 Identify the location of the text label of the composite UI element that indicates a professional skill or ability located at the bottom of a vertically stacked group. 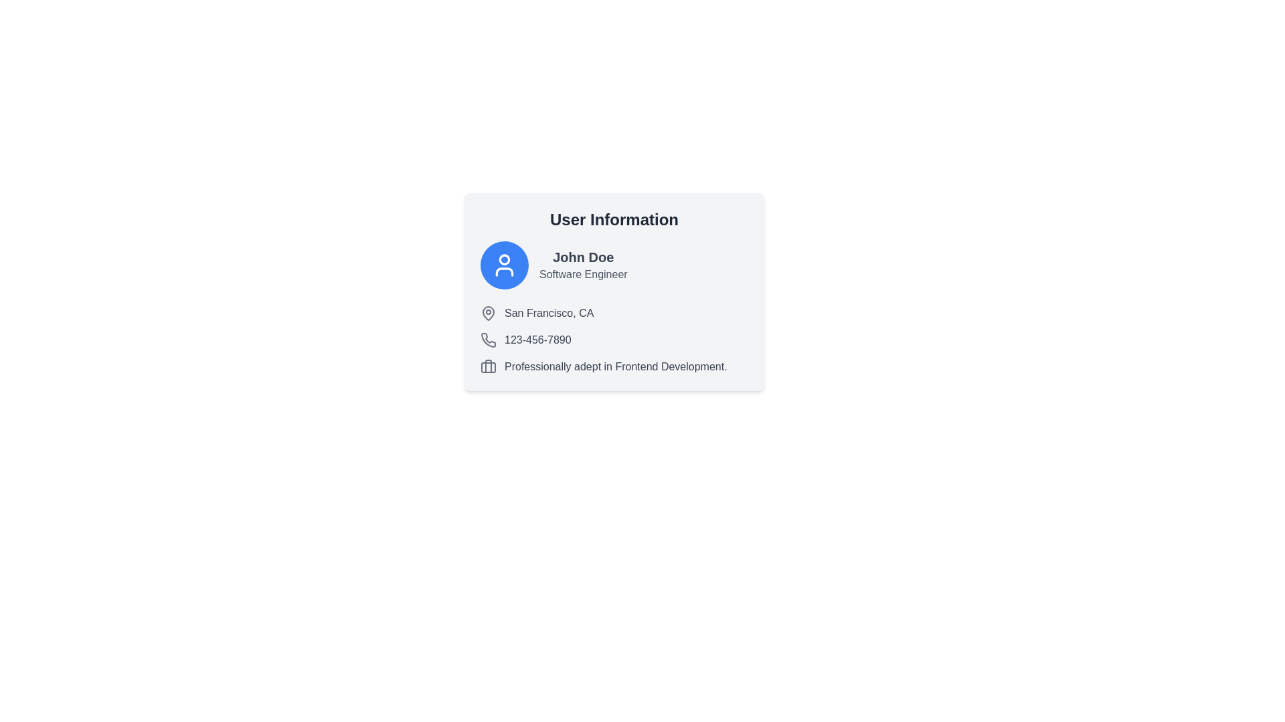
(613, 366).